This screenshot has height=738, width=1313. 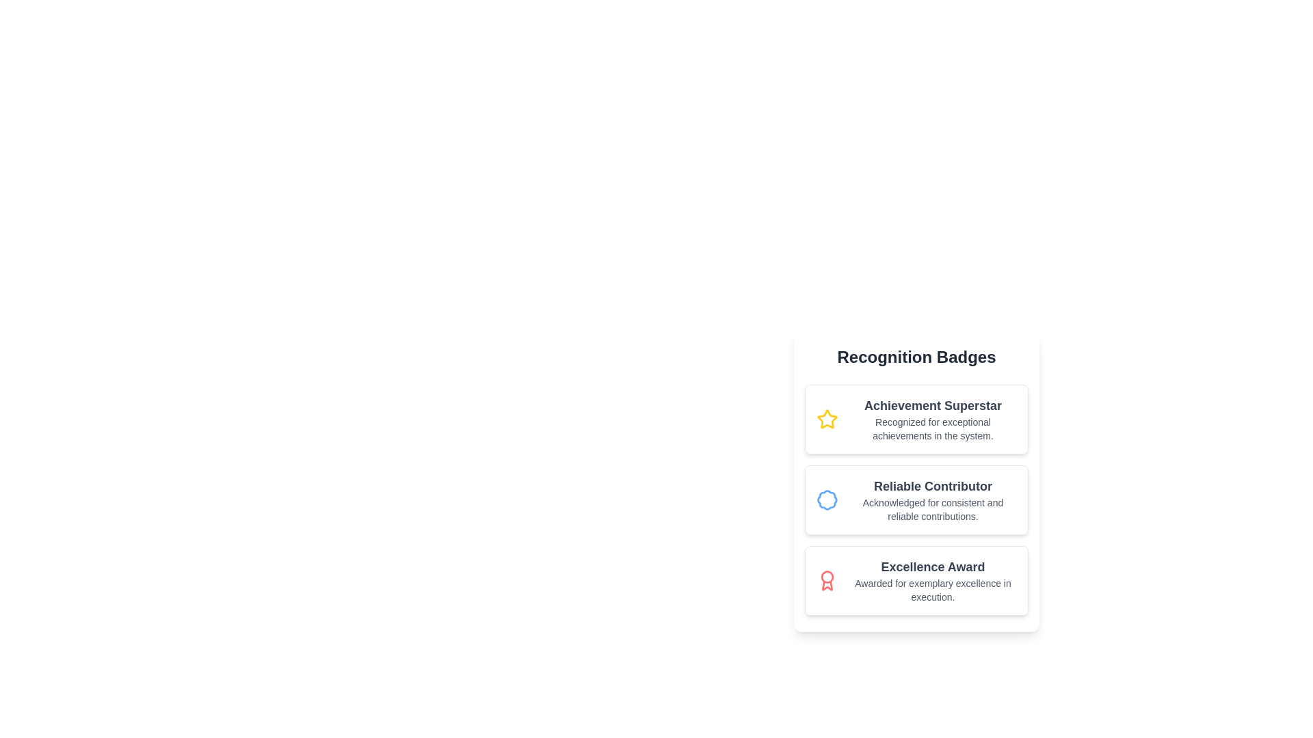 I want to click on text displayed on the second informational card about the 'Reliable Contributor' badge located within the 'Recognition Badges' section, so click(x=916, y=495).